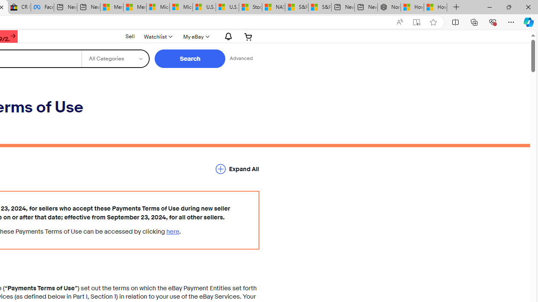 Image resolution: width=538 pixels, height=302 pixels. I want to click on 'WatchlistExpand Watch List', so click(158, 36).